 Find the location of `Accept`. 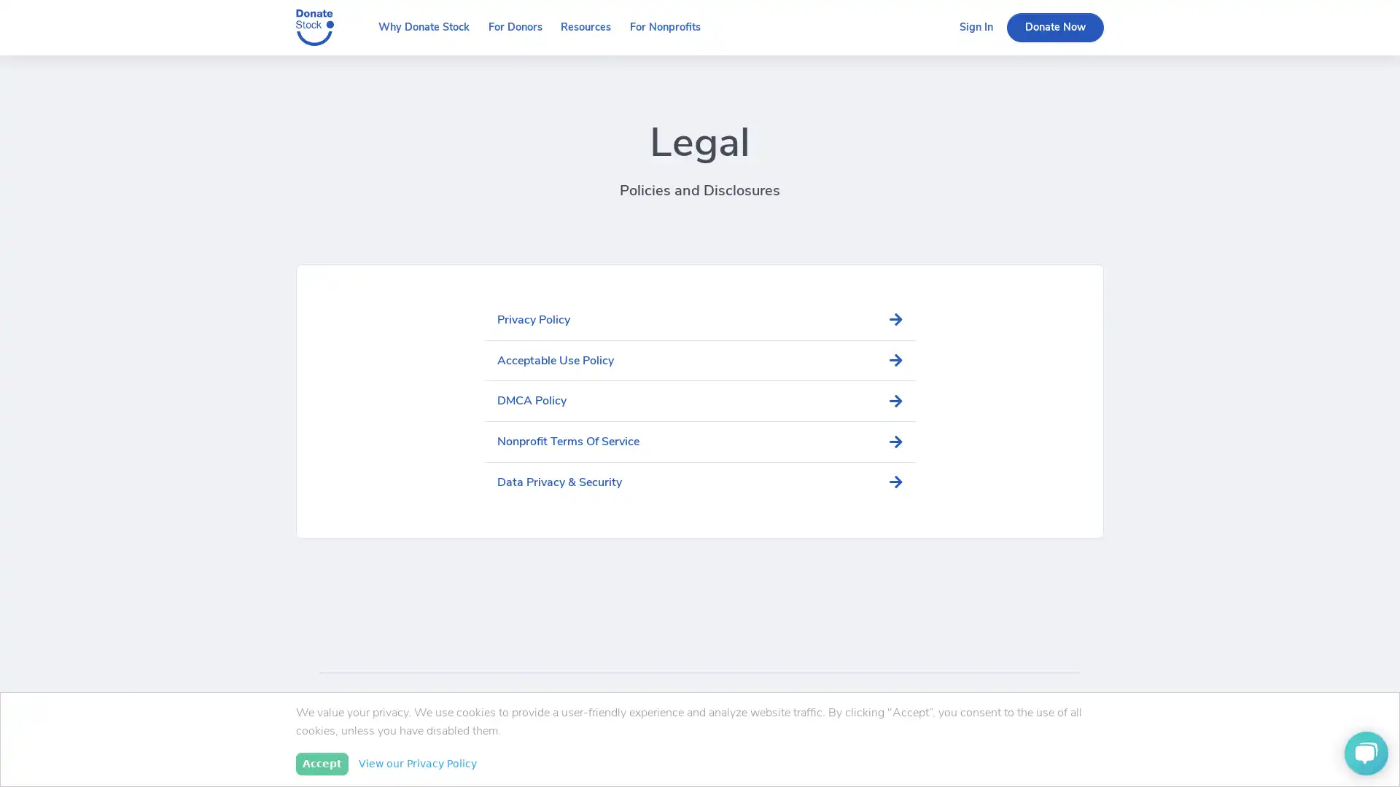

Accept is located at coordinates (321, 763).